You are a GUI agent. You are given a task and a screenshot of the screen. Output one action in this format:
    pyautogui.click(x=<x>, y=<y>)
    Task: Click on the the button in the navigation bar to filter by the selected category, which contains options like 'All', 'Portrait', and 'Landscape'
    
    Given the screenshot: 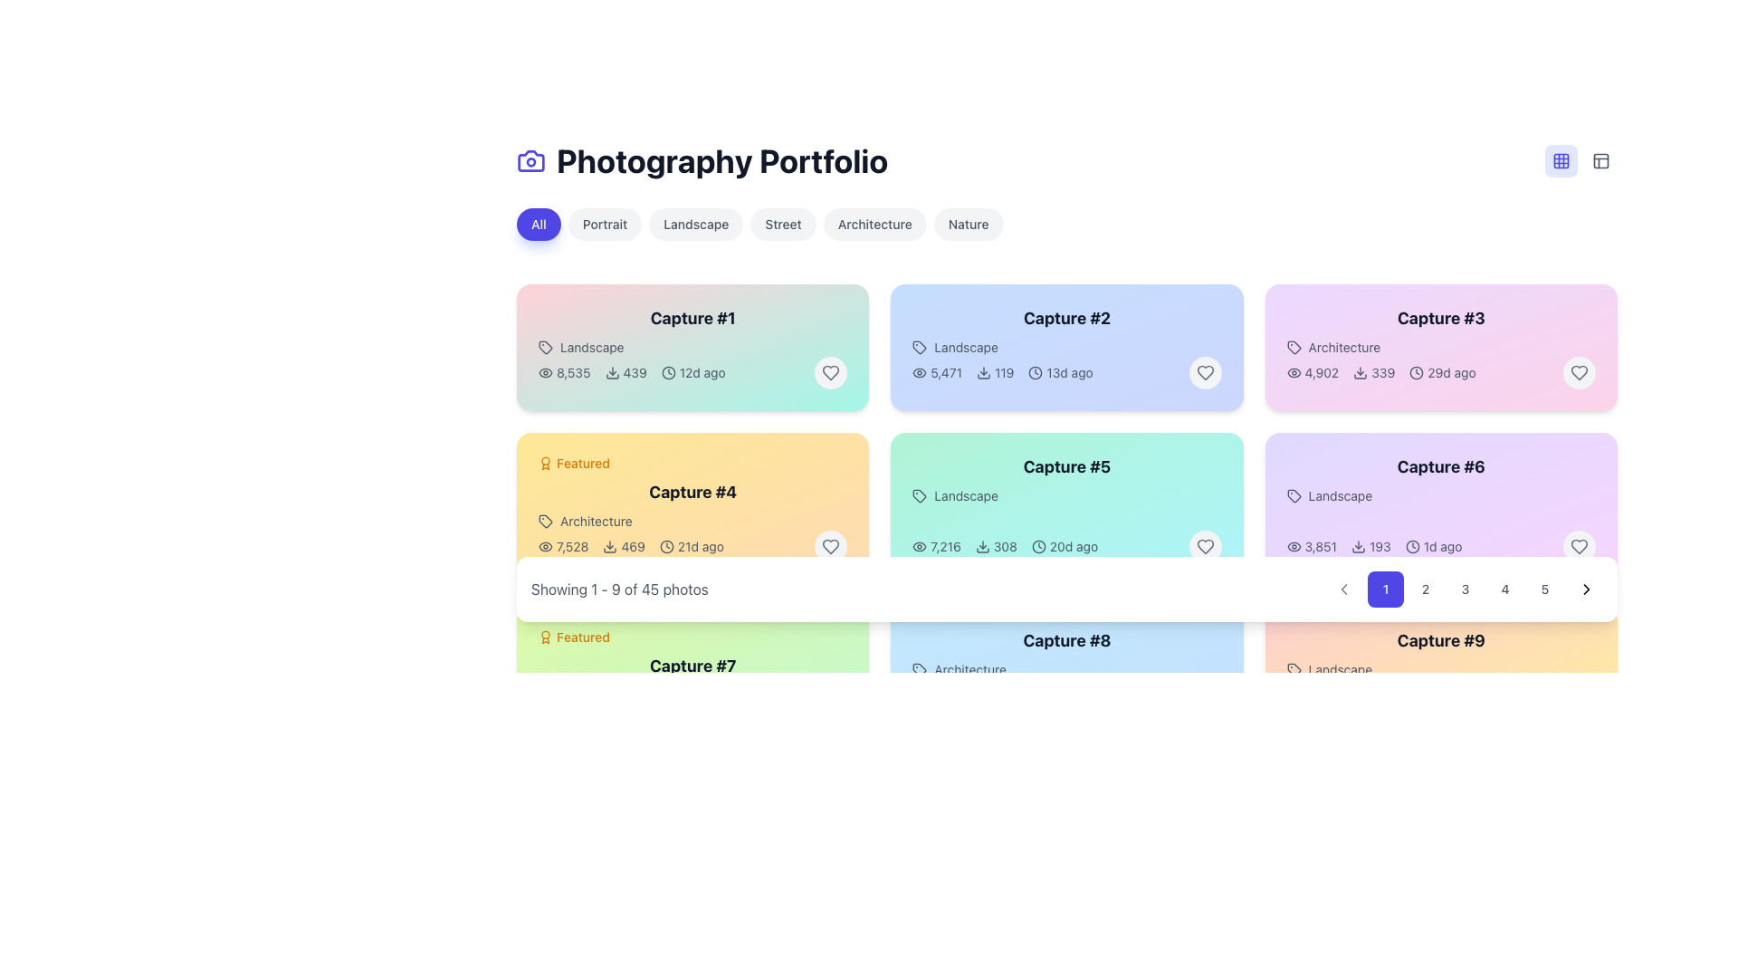 What is the action you would take?
    pyautogui.click(x=1067, y=223)
    